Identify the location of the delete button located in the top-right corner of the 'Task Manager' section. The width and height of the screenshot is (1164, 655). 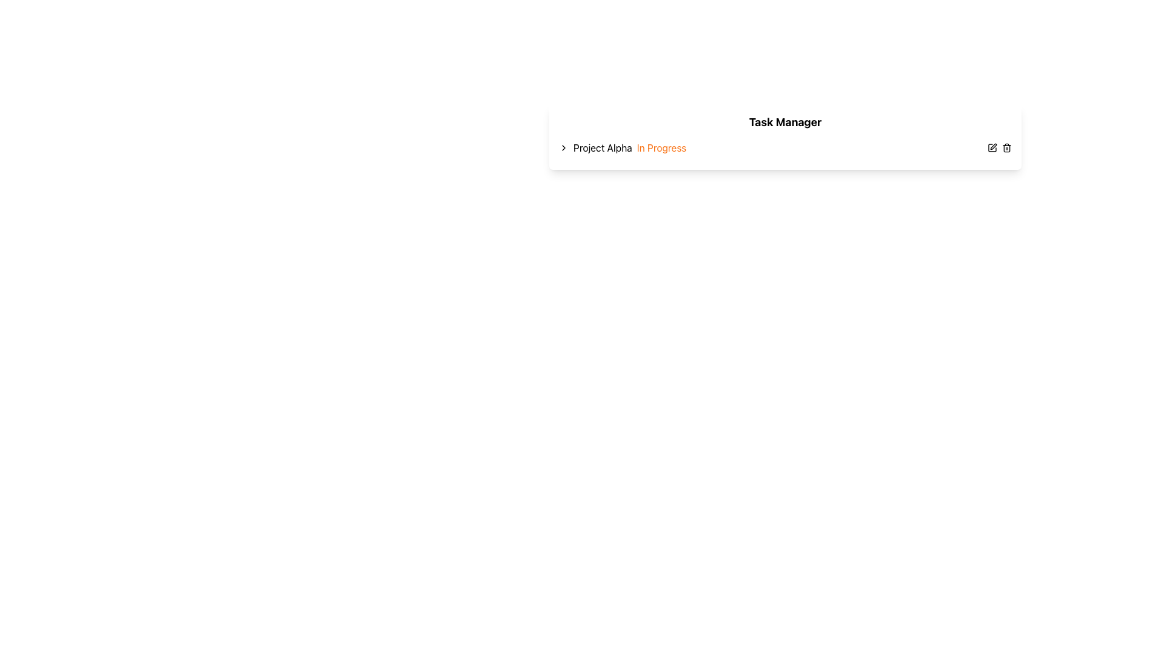
(1006, 147).